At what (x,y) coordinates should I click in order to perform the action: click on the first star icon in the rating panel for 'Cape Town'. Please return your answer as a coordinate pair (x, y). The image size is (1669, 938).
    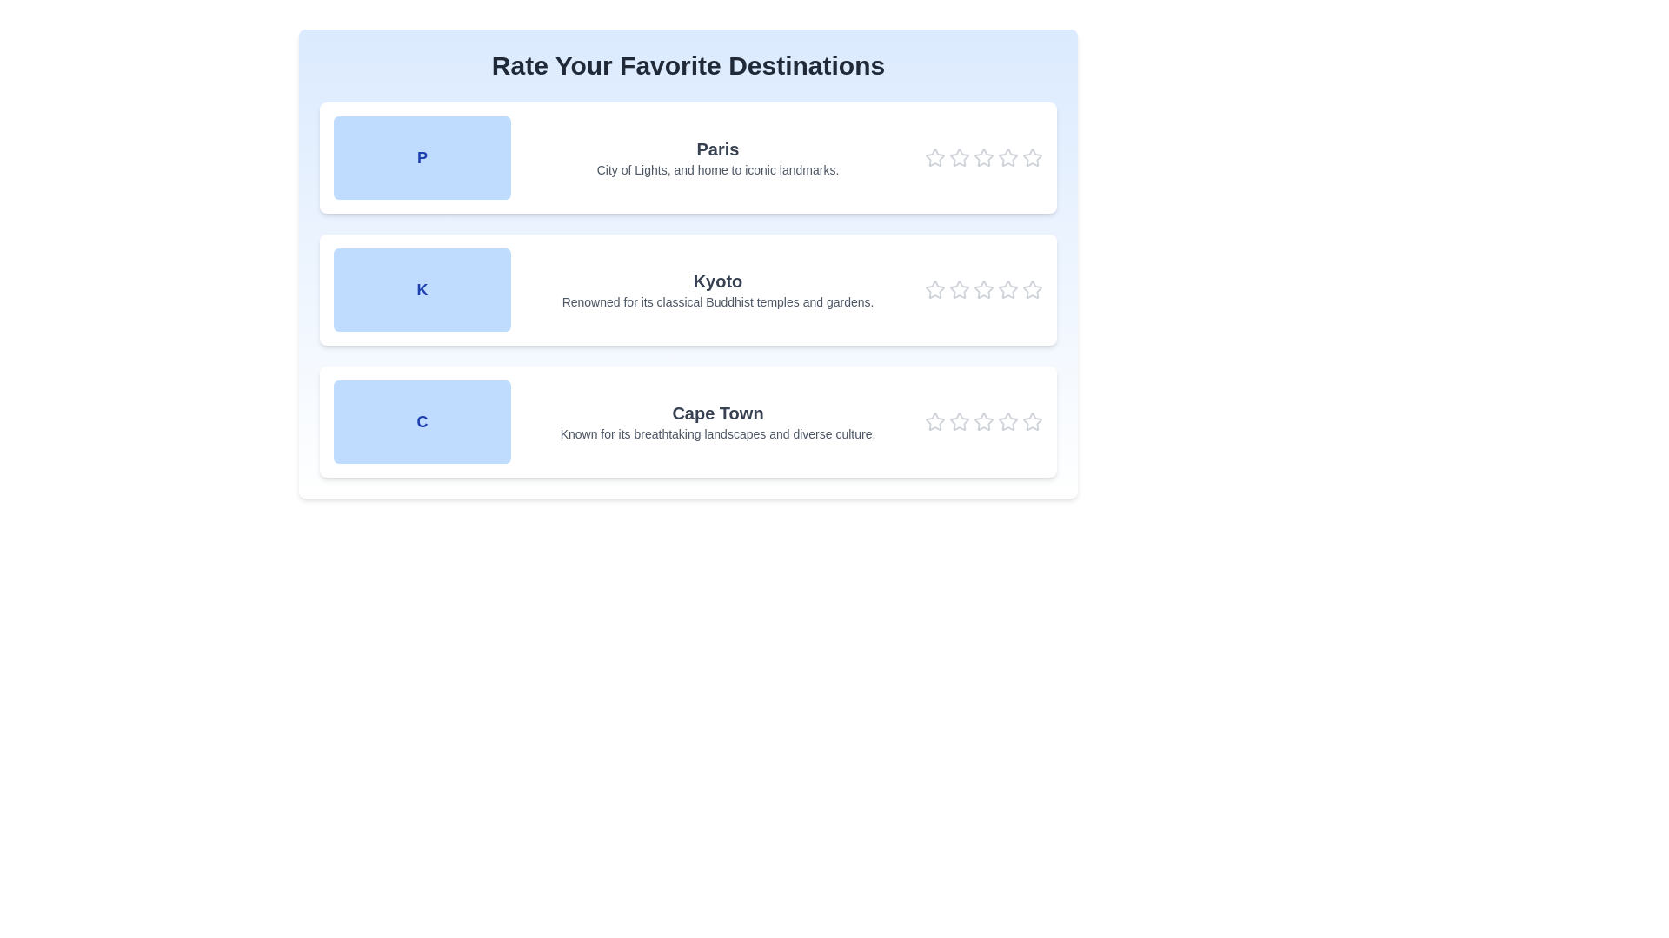
    Looking at the image, I should click on (934, 421).